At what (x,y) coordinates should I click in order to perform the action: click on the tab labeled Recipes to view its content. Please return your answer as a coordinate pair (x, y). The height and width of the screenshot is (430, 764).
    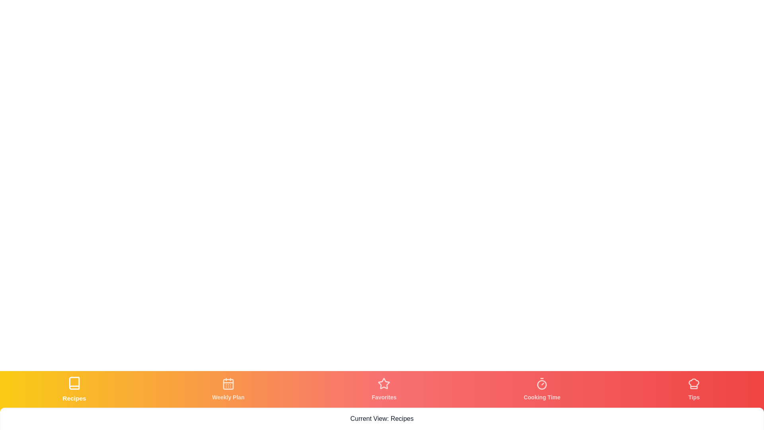
    Looking at the image, I should click on (74, 389).